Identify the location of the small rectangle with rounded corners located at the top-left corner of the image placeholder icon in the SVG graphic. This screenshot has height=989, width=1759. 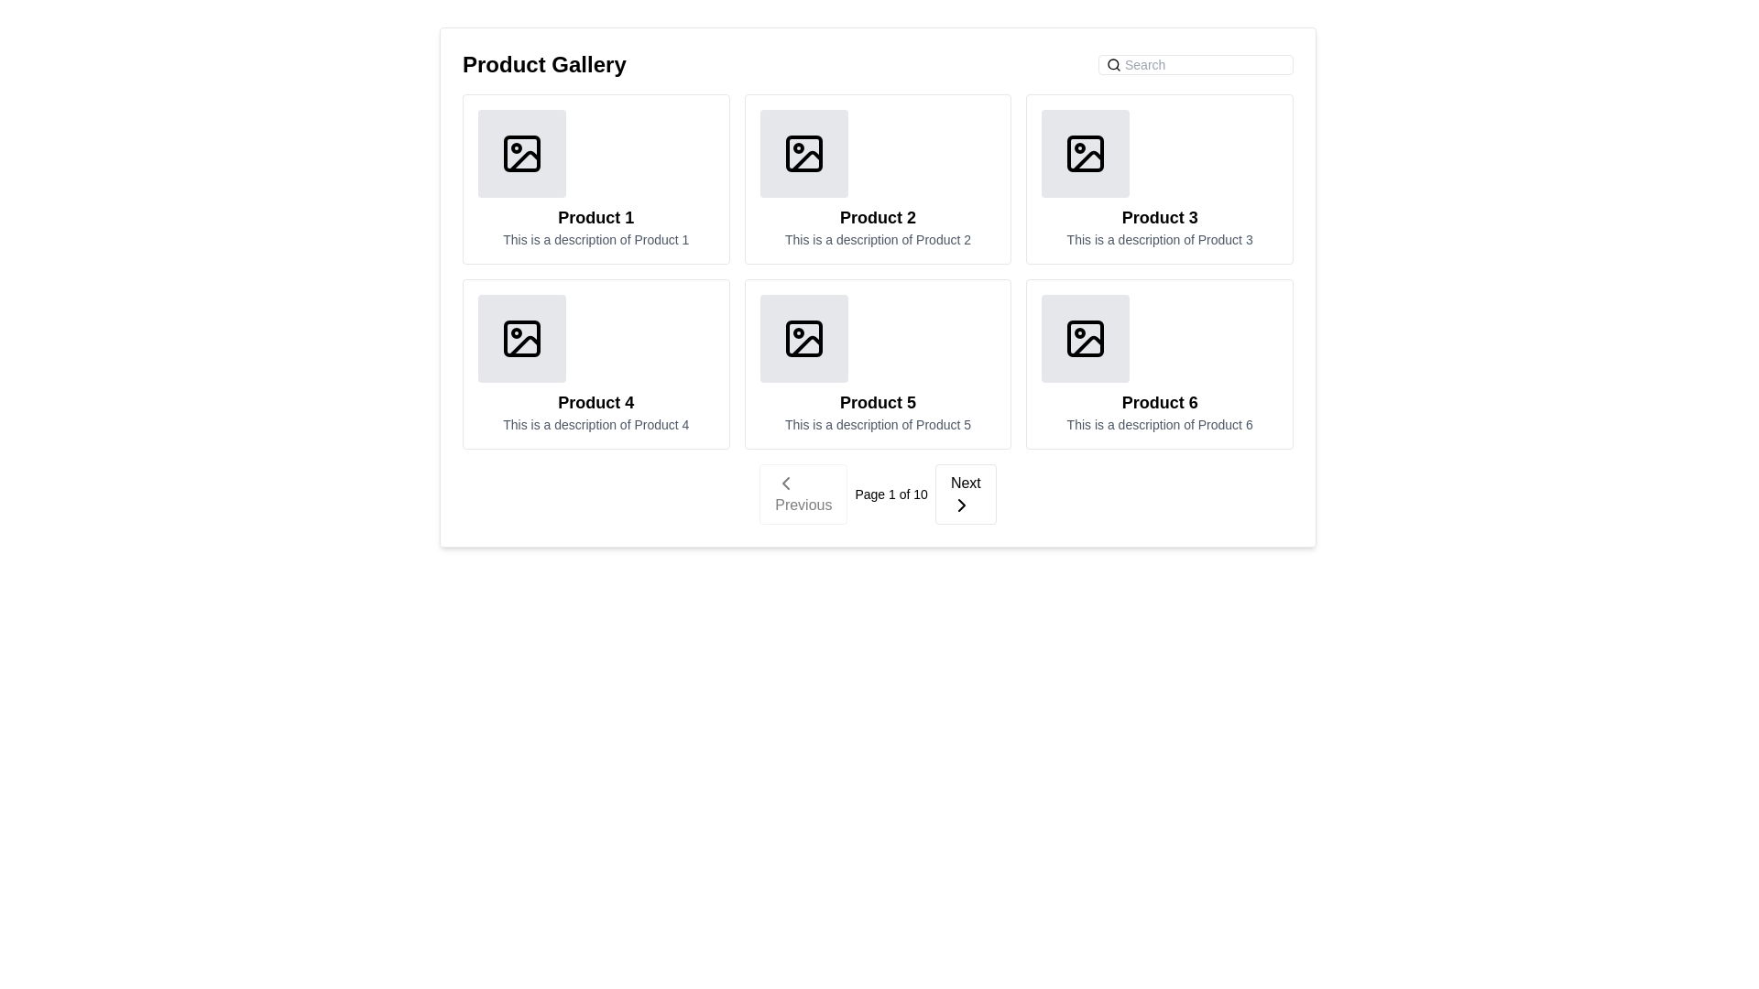
(521, 153).